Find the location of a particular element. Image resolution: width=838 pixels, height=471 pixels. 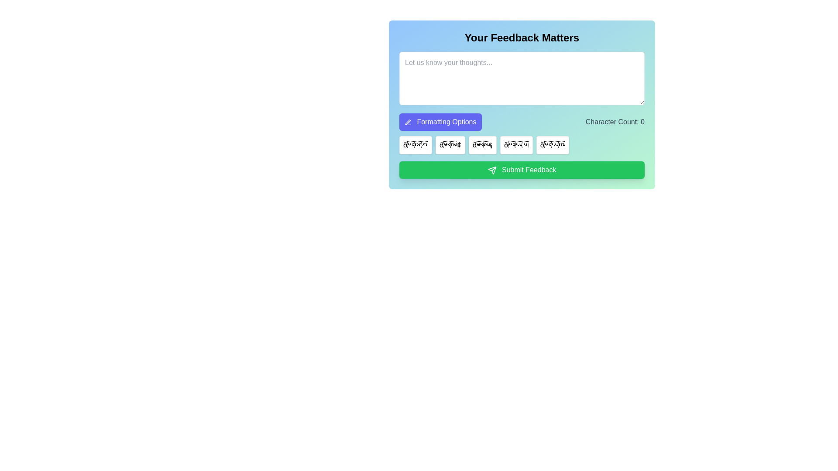

the edit icon depicted as a pen or stylus, which is located to the left of the 'Formatting Options' text, serving as an option to adjust properties or settings is located at coordinates (407, 122).